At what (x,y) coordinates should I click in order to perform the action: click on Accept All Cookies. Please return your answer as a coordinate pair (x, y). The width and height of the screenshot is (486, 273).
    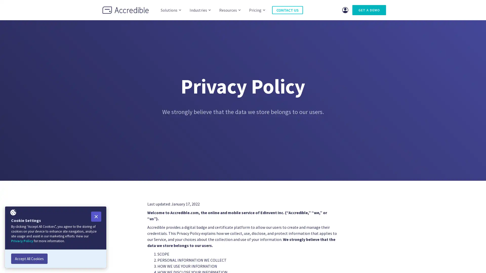
    Looking at the image, I should click on (29, 258).